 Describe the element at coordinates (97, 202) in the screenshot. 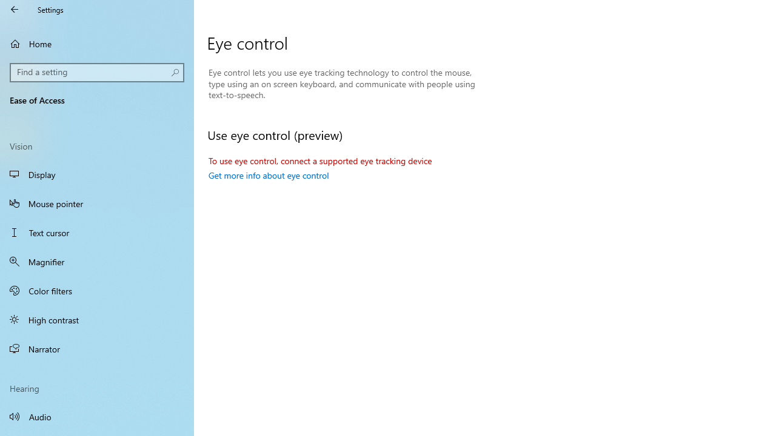

I see `'Mouse pointer'` at that location.